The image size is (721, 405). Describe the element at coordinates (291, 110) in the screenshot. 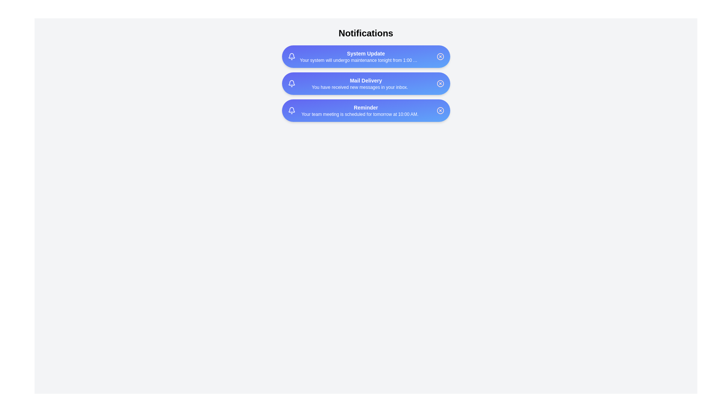

I see `the notification icon corresponding to Reminder` at that location.